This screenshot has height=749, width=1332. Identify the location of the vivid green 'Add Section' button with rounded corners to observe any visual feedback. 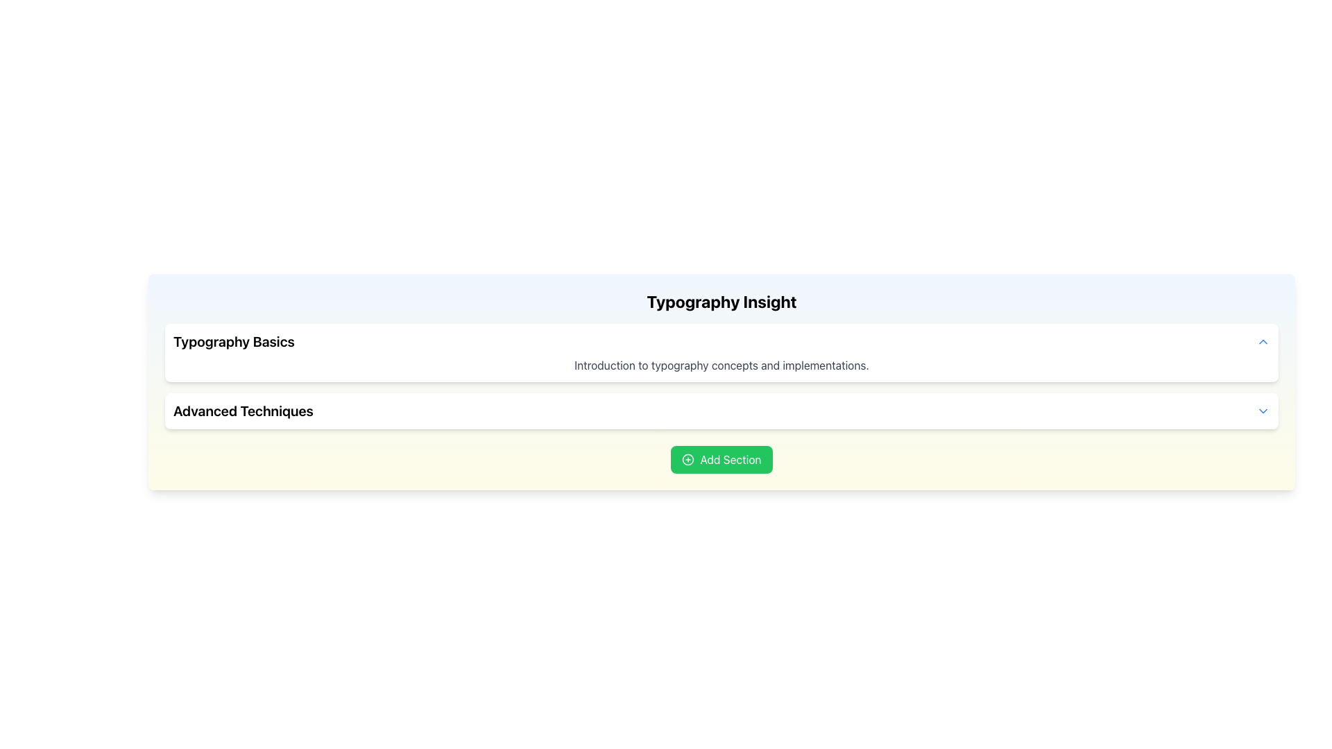
(721, 460).